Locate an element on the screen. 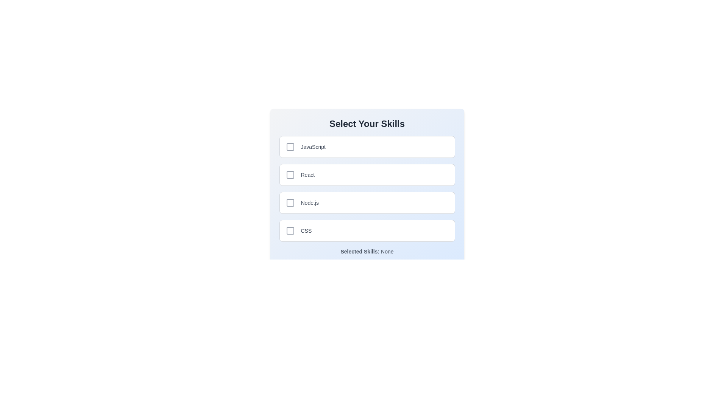  the 'Select Your Skills' header, which is a prominent title at the top of the section above the skill selection list is located at coordinates (367, 123).